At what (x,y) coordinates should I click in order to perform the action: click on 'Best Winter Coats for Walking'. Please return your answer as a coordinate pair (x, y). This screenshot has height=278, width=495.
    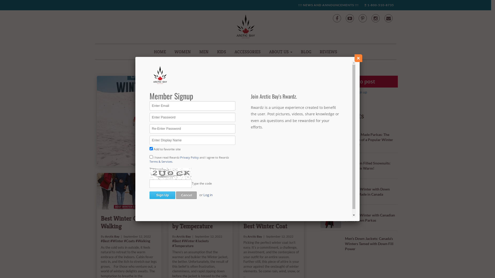
    Looking at the image, I should click on (101, 222).